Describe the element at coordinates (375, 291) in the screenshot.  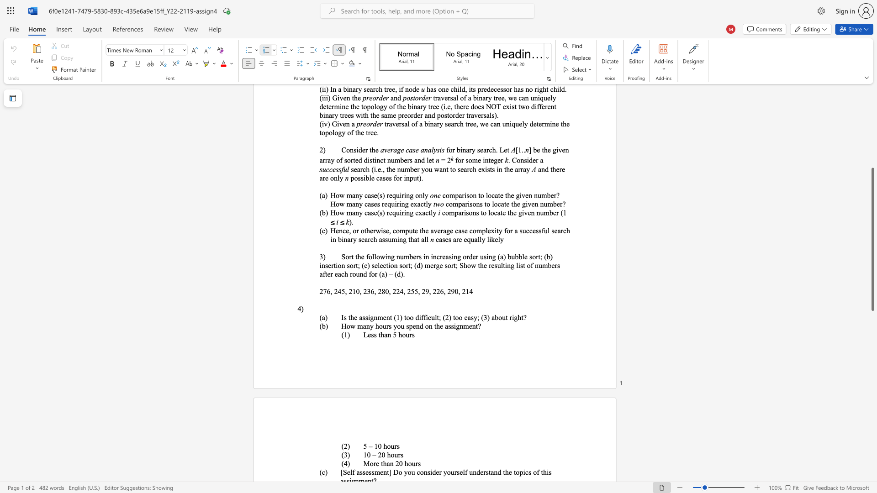
I see `the 4th character "," in the text` at that location.